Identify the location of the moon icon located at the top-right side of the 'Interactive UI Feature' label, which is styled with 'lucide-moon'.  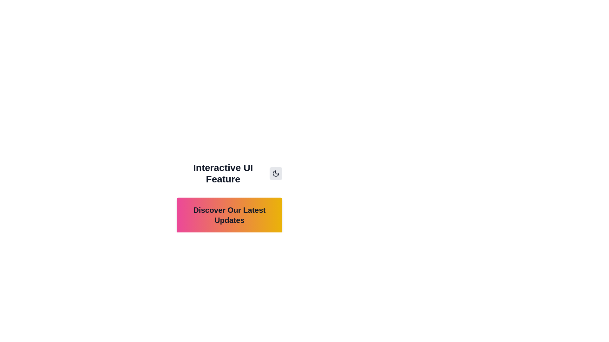
(276, 173).